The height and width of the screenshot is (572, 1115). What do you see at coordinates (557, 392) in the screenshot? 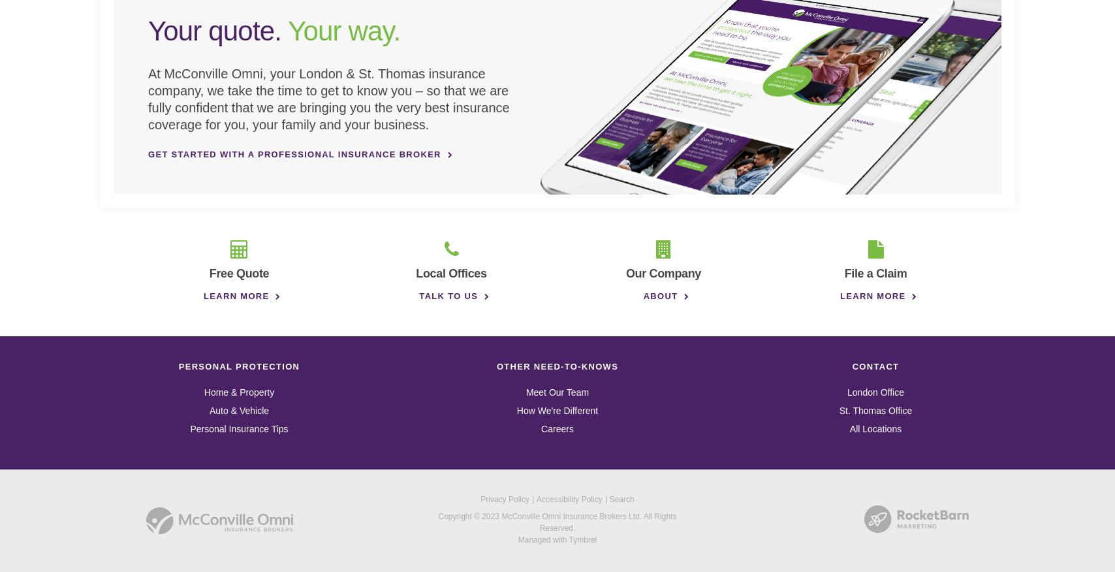
I see `'Meet Our Team'` at bounding box center [557, 392].